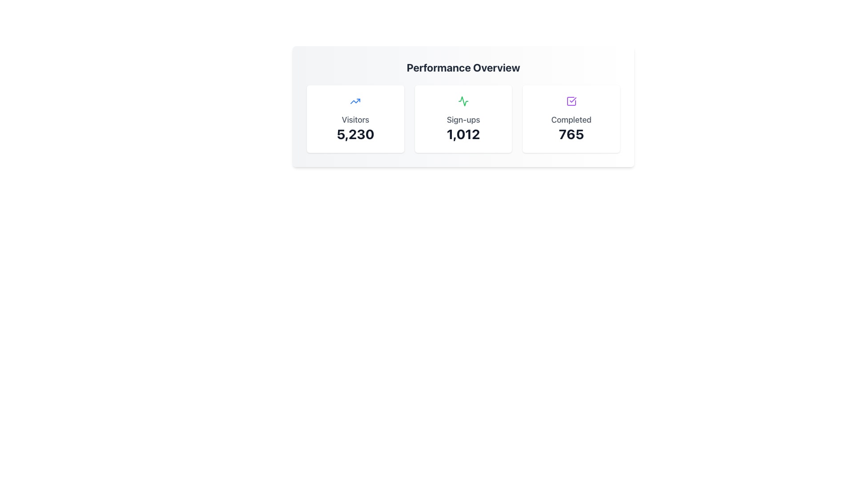 The width and height of the screenshot is (854, 480). What do you see at coordinates (571, 120) in the screenshot?
I see `the 'Completed' text label, which is styled in a large font size and medium weight, located in the upper section of the third box in a three-box grid layout on the right` at bounding box center [571, 120].